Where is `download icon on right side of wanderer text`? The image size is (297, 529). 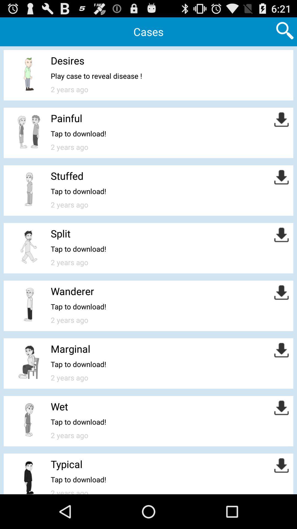 download icon on right side of wanderer text is located at coordinates (281, 292).